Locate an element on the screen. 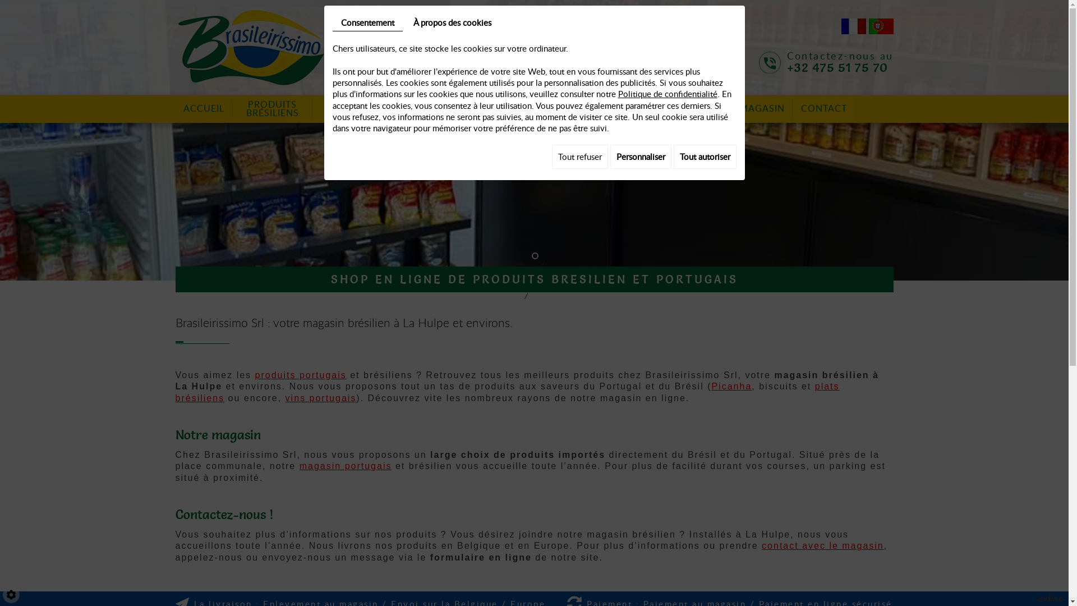 The image size is (1077, 606). 'Contactez-nous au is located at coordinates (840, 61).